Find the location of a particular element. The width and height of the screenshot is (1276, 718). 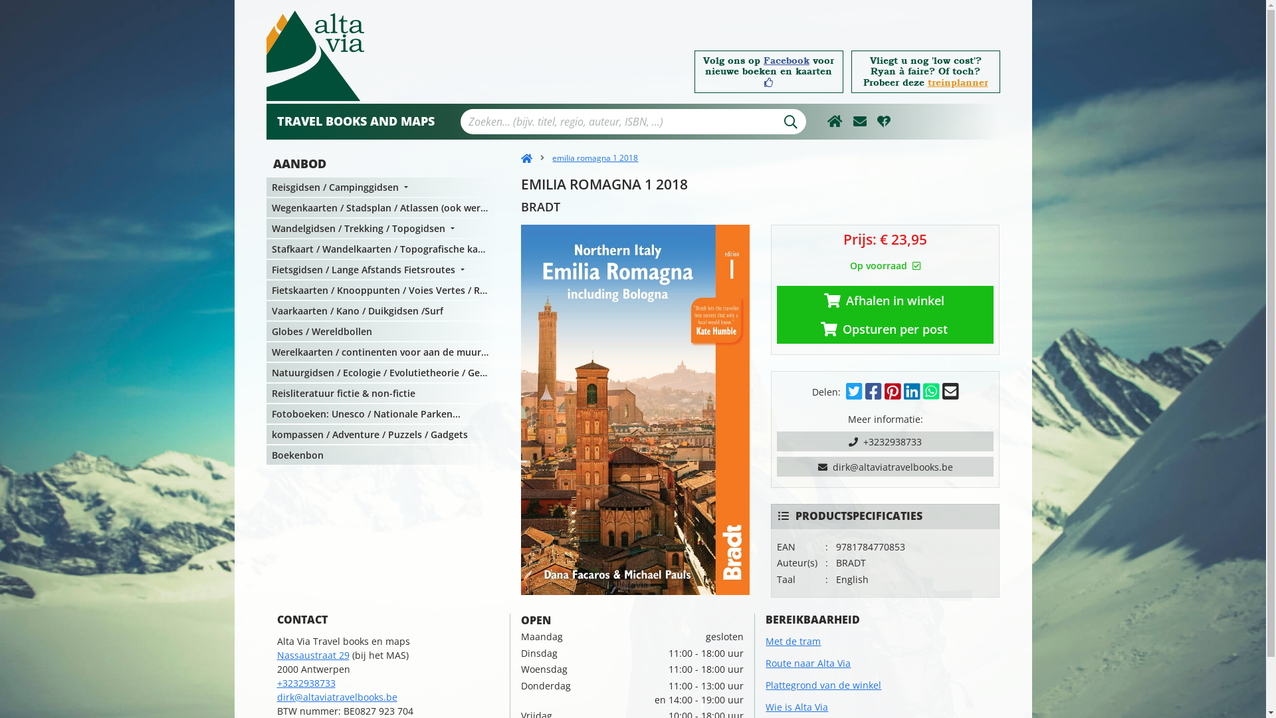

'Fotoboeken: Unesco / Nationale Parken...' is located at coordinates (382, 413).